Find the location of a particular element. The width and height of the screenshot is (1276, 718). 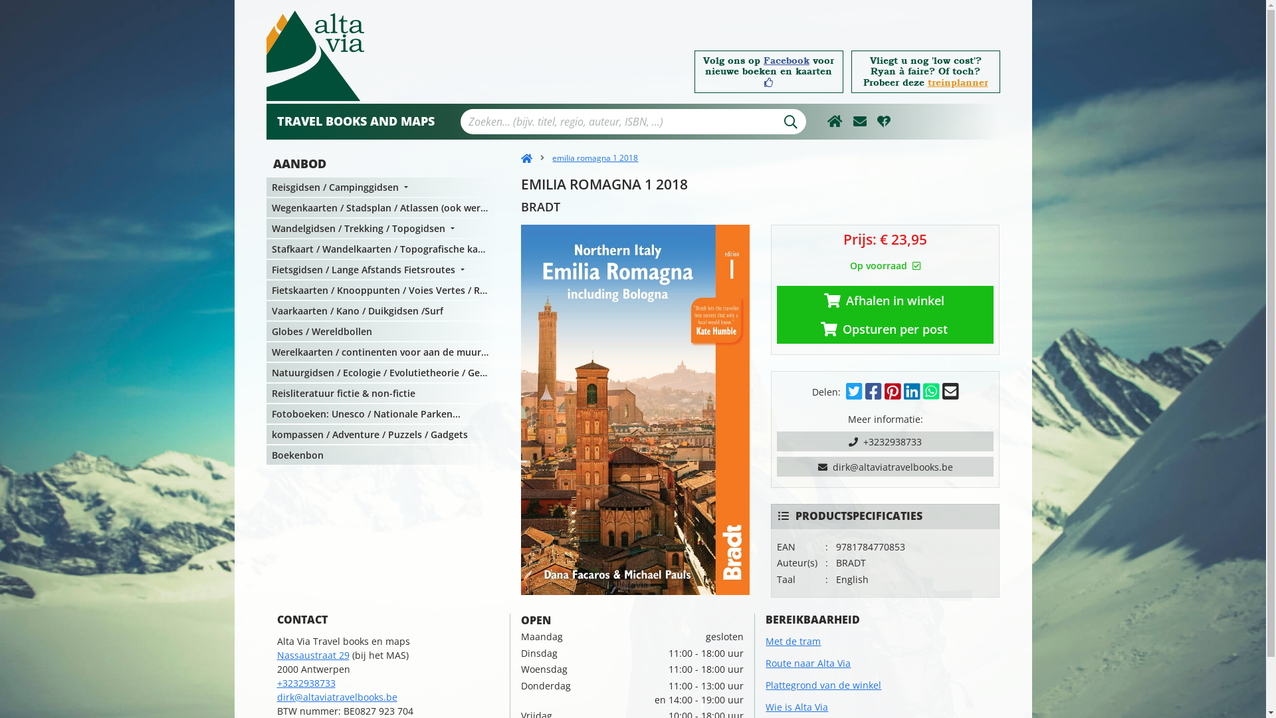

'Fotoboeken: Unesco / Nationale Parken...' is located at coordinates (382, 413).